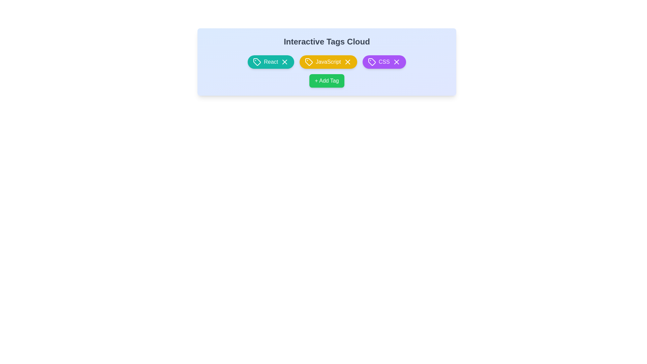  I want to click on the tag labeled CSS, so click(384, 62).